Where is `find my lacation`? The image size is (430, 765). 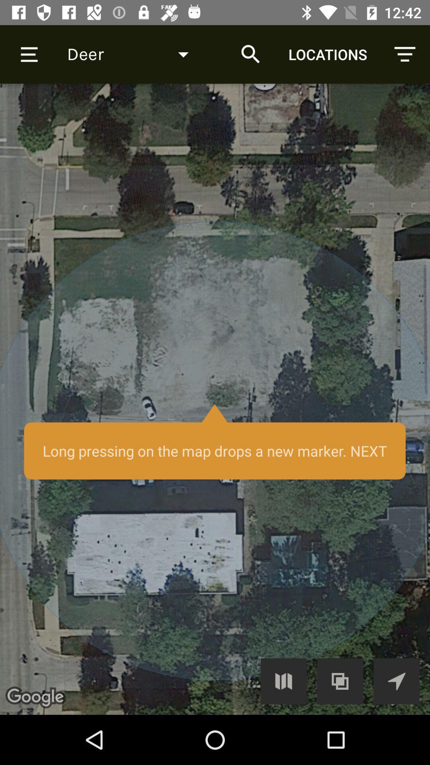 find my lacation is located at coordinates (396, 681).